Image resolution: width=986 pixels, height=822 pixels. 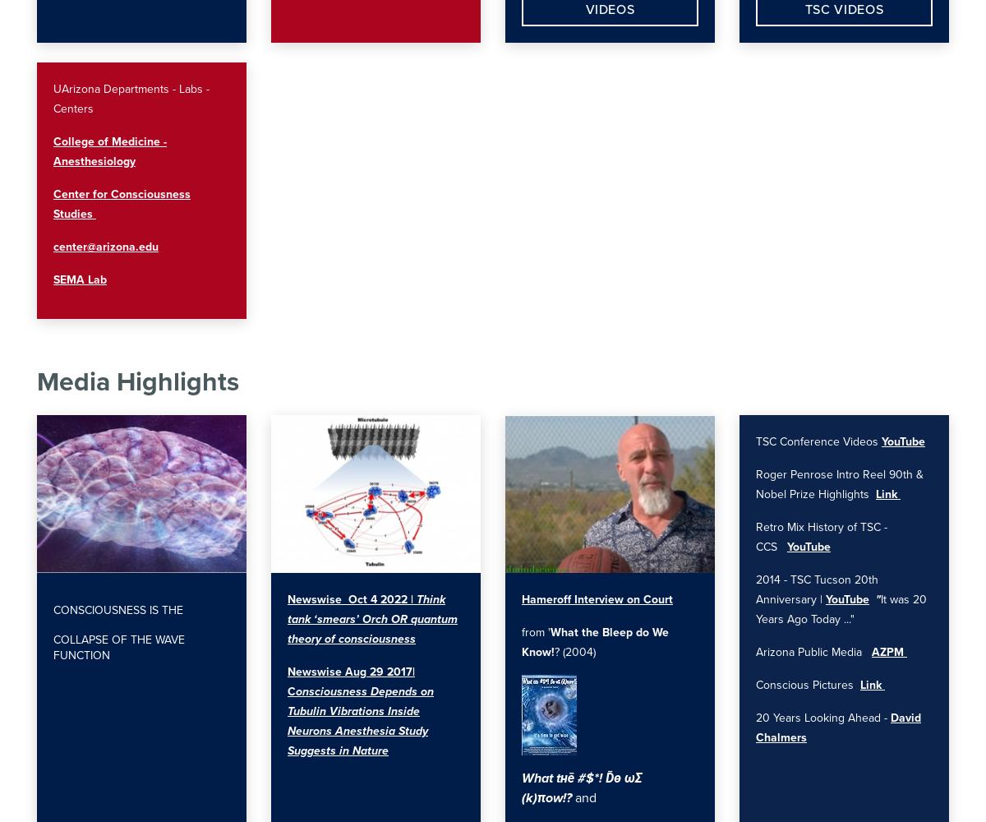 What do you see at coordinates (118, 648) in the screenshot?
I see `'collapse of the wave function'` at bounding box center [118, 648].